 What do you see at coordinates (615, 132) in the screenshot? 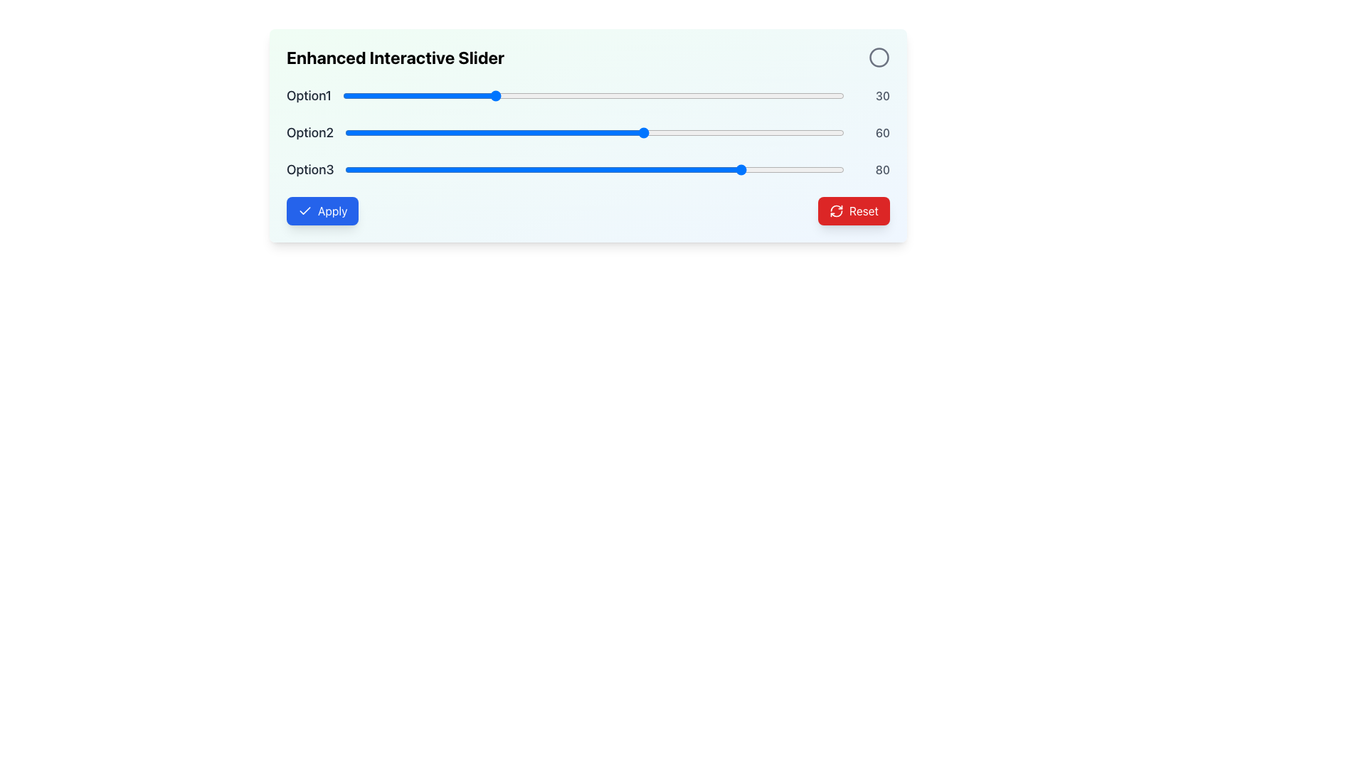
I see `slider` at bounding box center [615, 132].